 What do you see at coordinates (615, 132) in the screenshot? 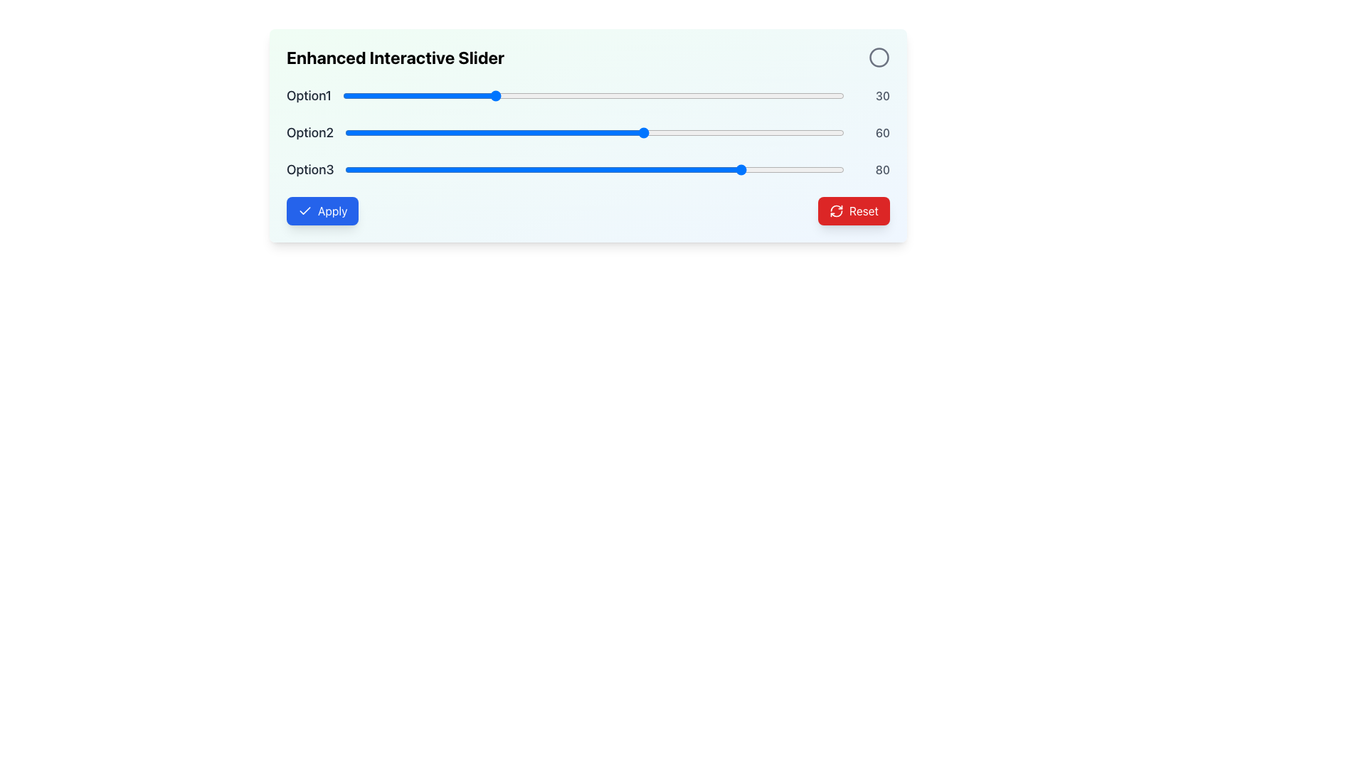
I see `slider` at bounding box center [615, 132].